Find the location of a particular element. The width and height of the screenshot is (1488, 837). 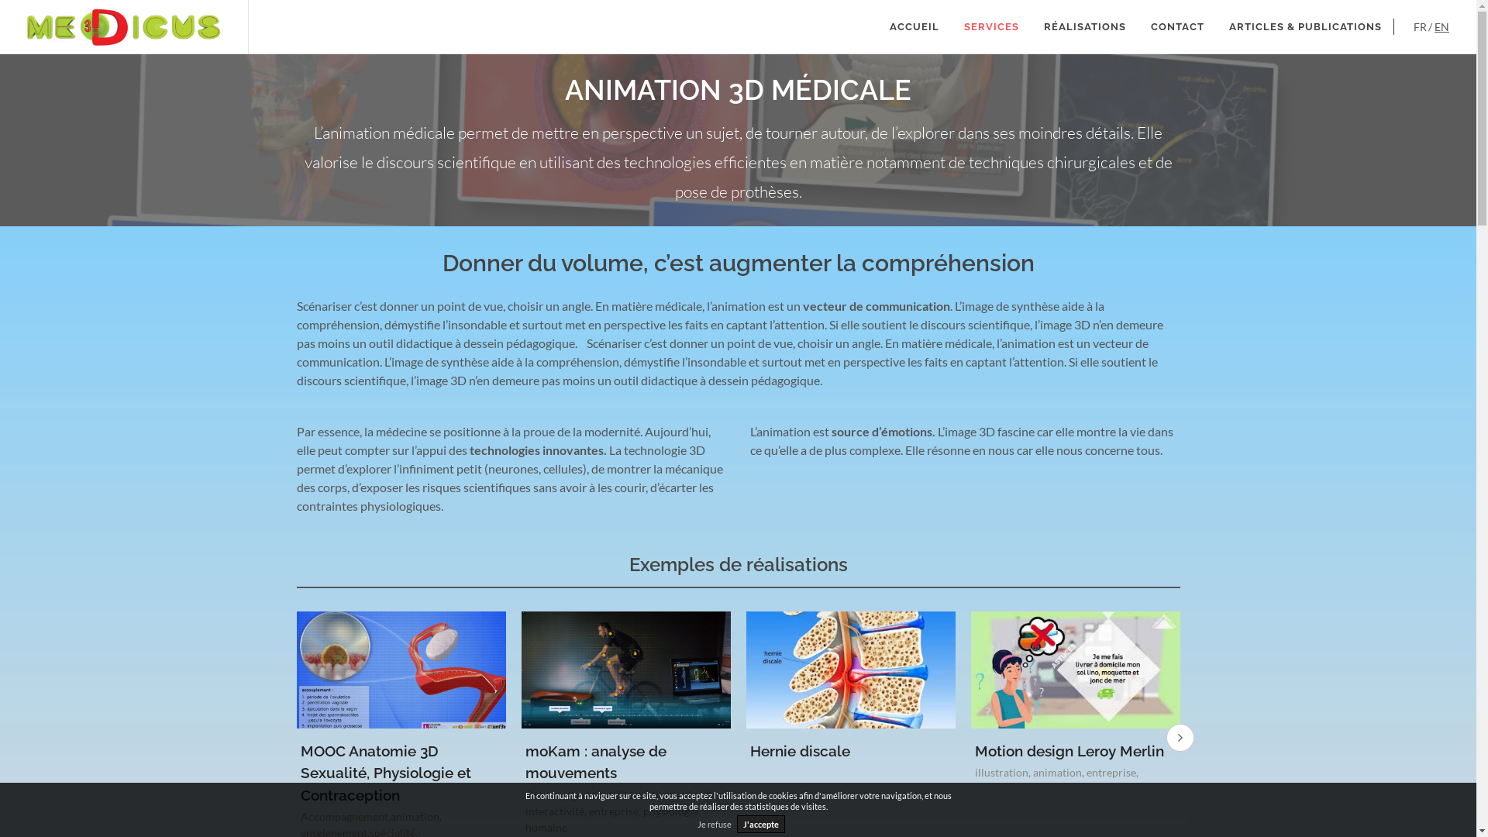

'Je refuse' is located at coordinates (713, 823).